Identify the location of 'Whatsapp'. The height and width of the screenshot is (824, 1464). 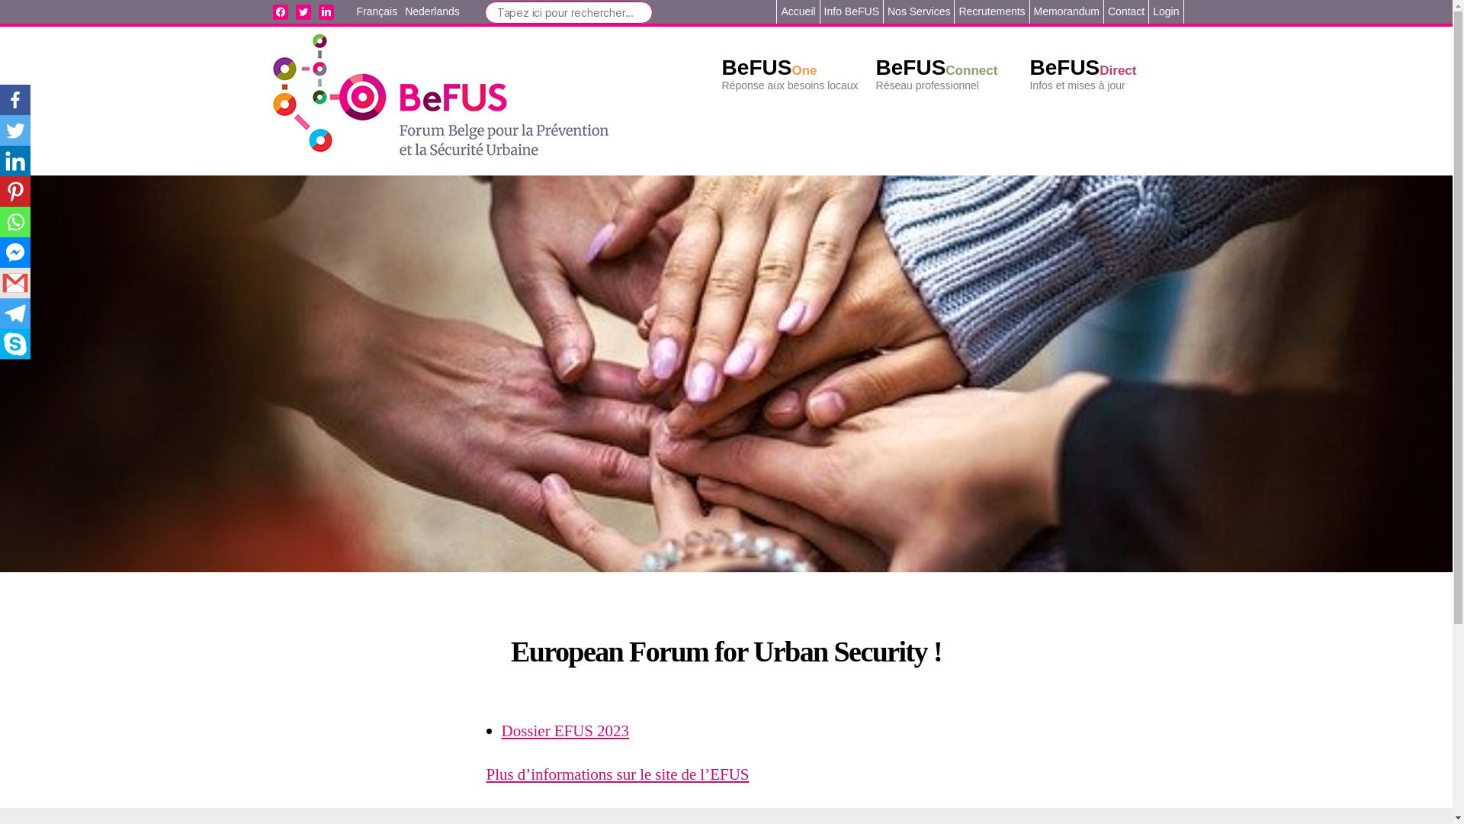
(14, 221).